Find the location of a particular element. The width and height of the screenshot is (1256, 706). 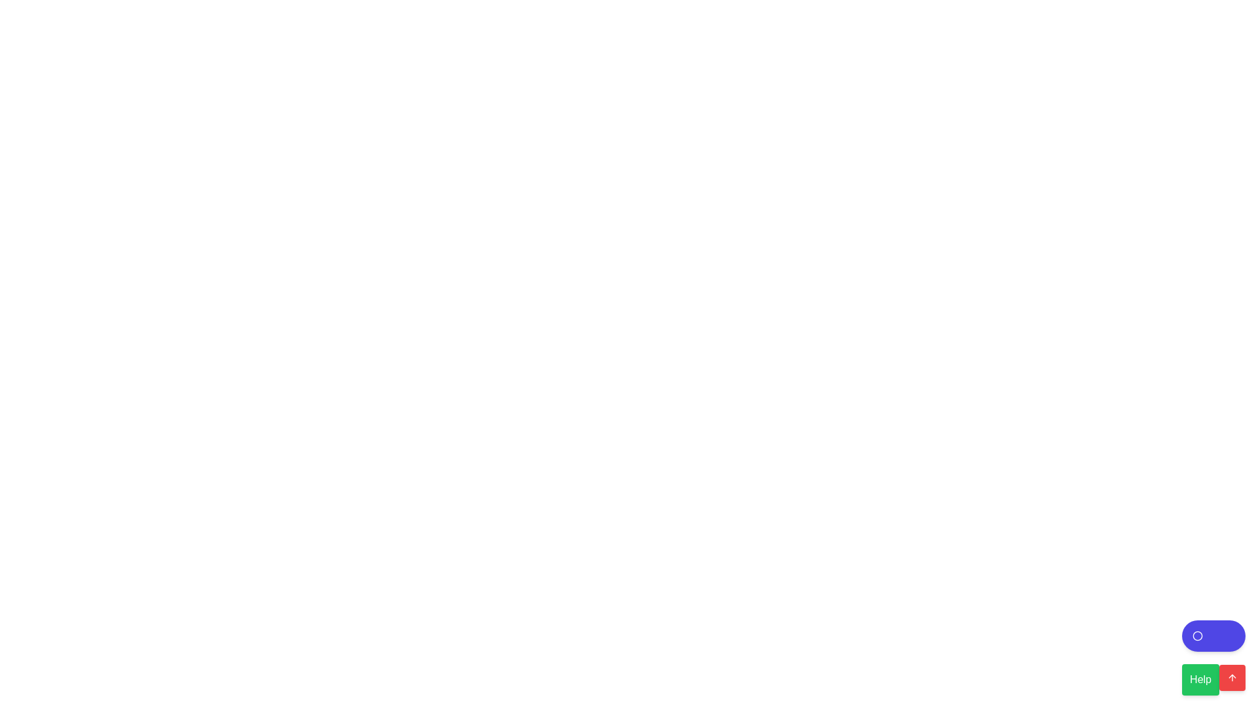

the 'Help' button located at the bottom-right corner of the interface is located at coordinates (1213, 658).